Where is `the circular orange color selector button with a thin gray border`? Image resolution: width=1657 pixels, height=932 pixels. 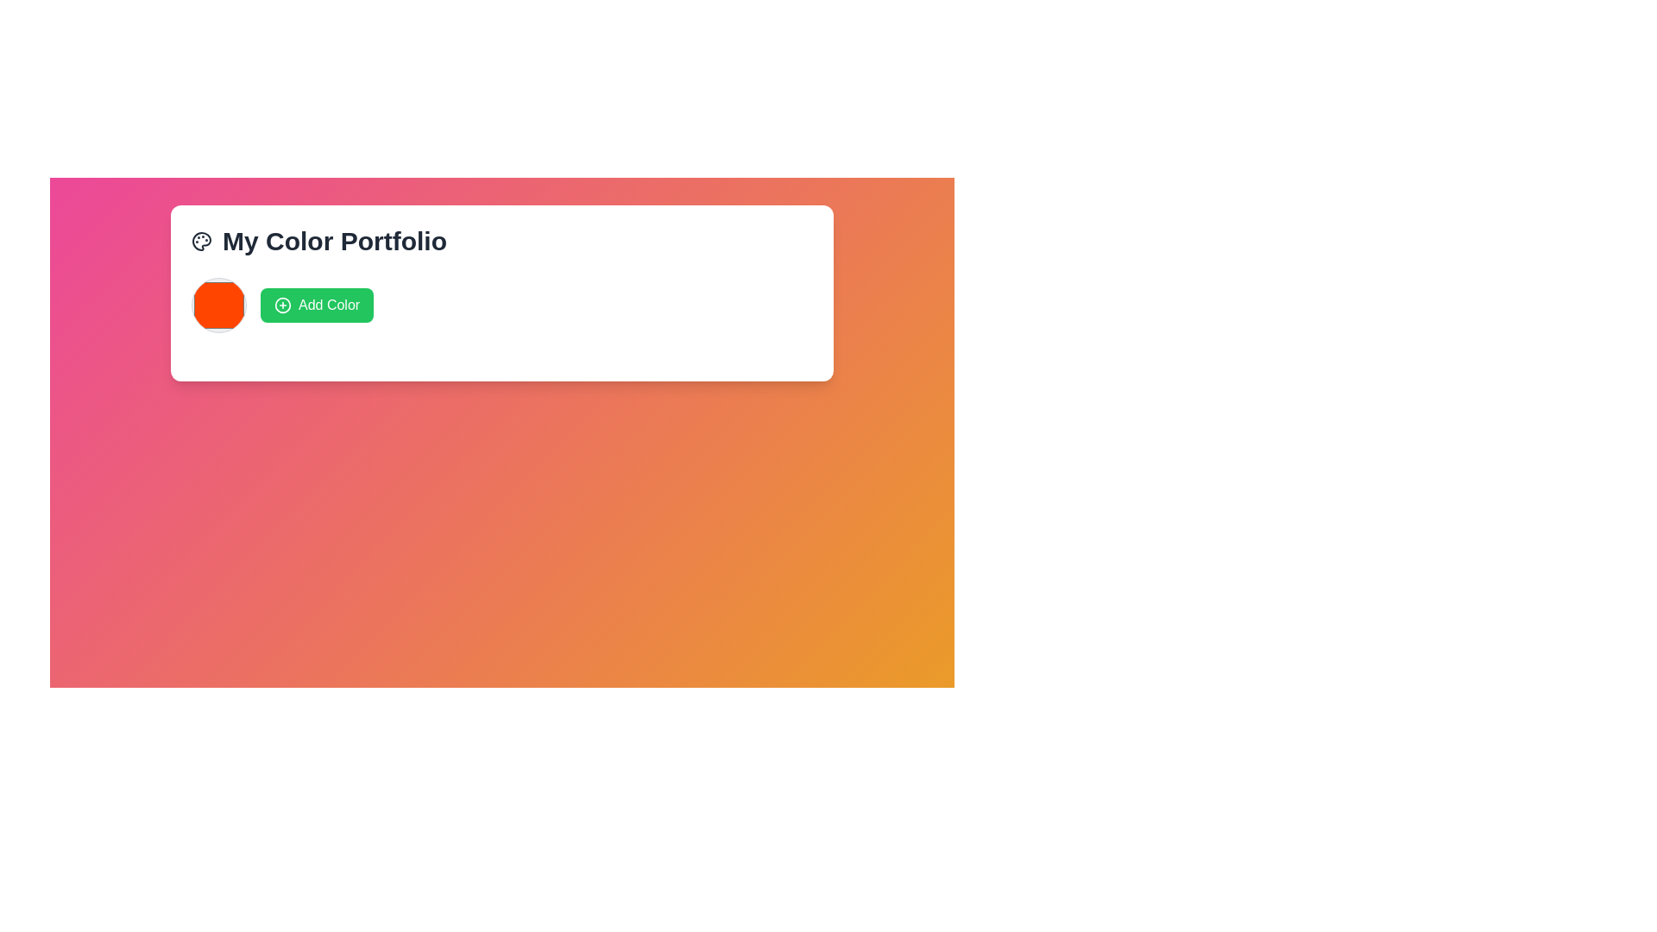
the circular orange color selector button with a thin gray border is located at coordinates (218, 305).